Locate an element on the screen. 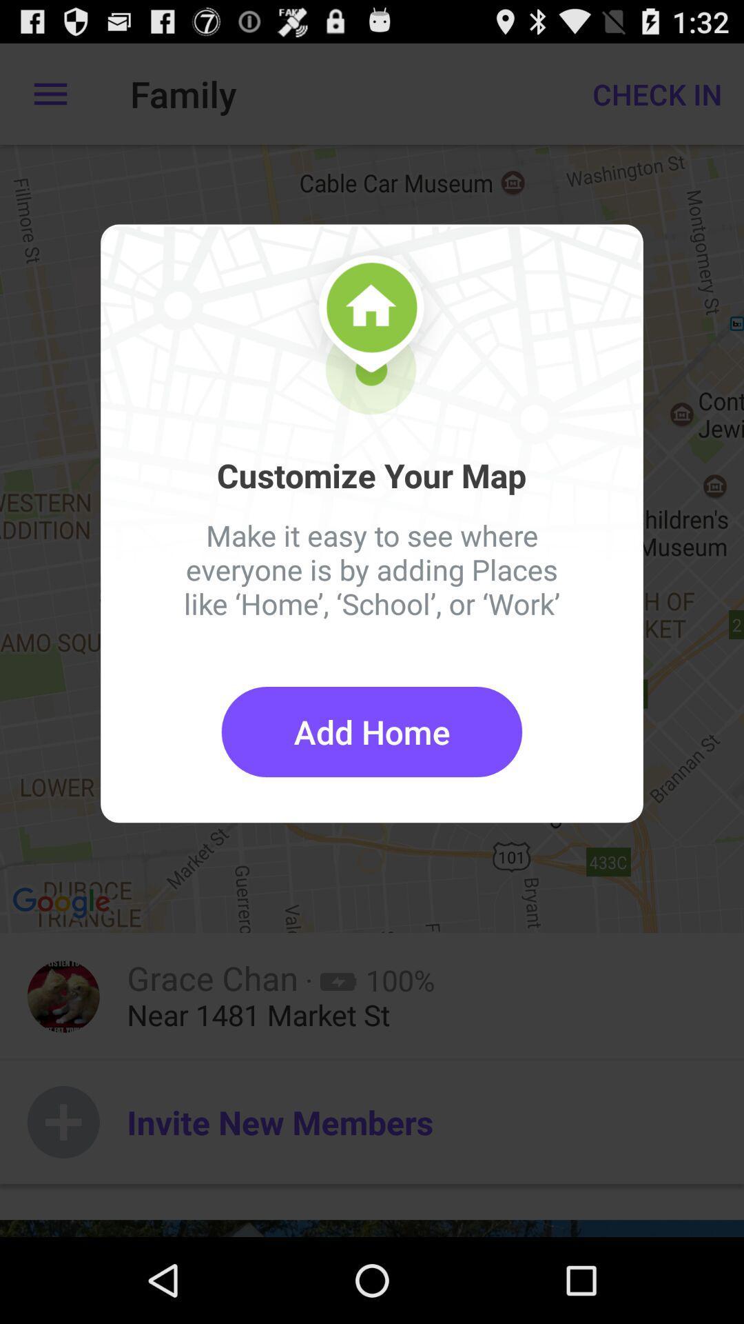 The image size is (744, 1324). add home icon is located at coordinates (372, 731).